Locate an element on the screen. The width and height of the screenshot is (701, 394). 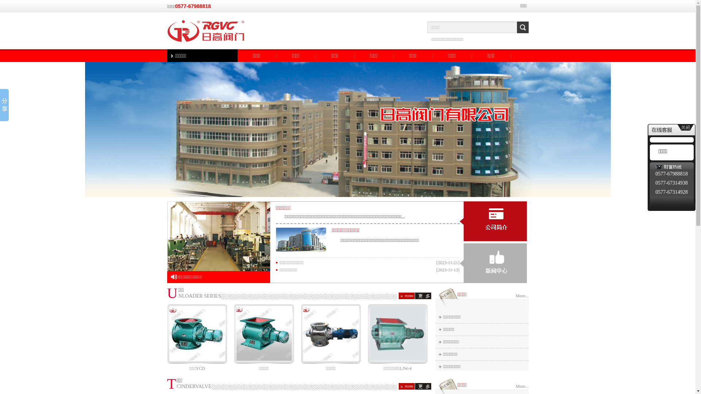
'More...' is located at coordinates (521, 386).